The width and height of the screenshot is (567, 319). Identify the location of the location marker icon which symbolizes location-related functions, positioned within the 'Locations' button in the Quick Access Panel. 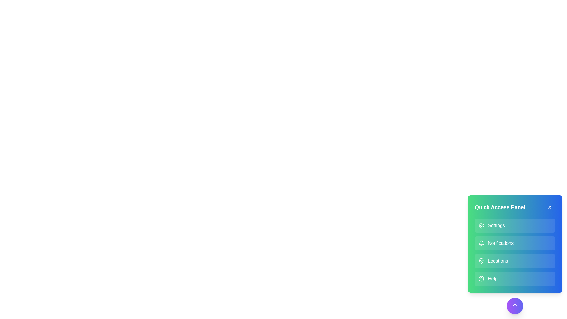
(481, 261).